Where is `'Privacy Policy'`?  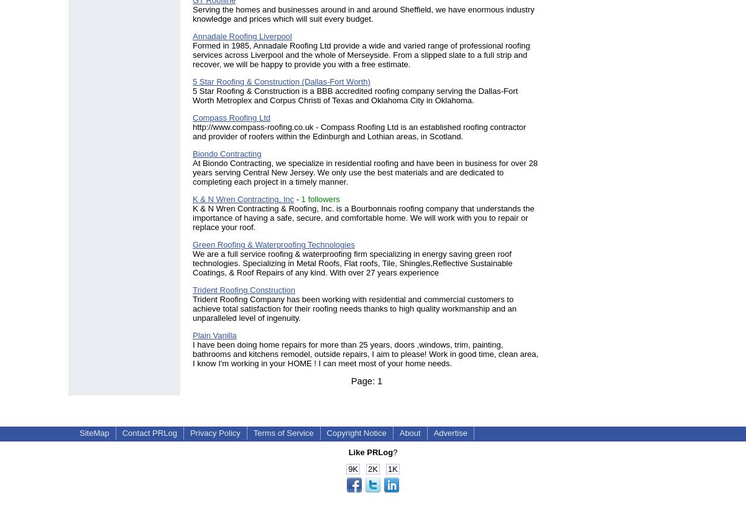
'Privacy Policy' is located at coordinates (214, 433).